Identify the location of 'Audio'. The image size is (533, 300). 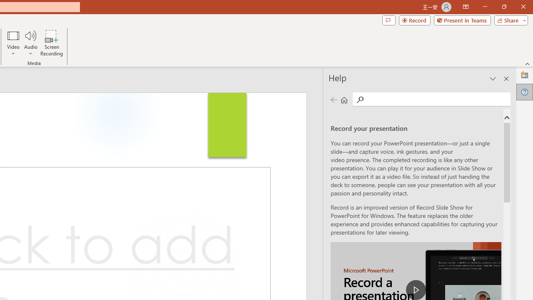
(30, 43).